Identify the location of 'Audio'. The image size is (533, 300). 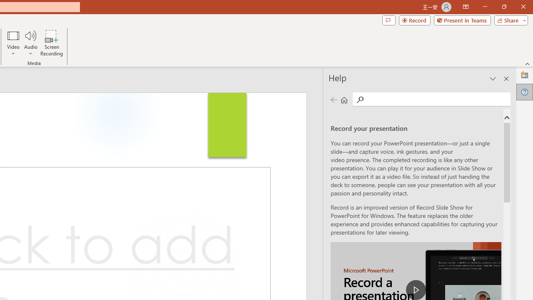
(30, 43).